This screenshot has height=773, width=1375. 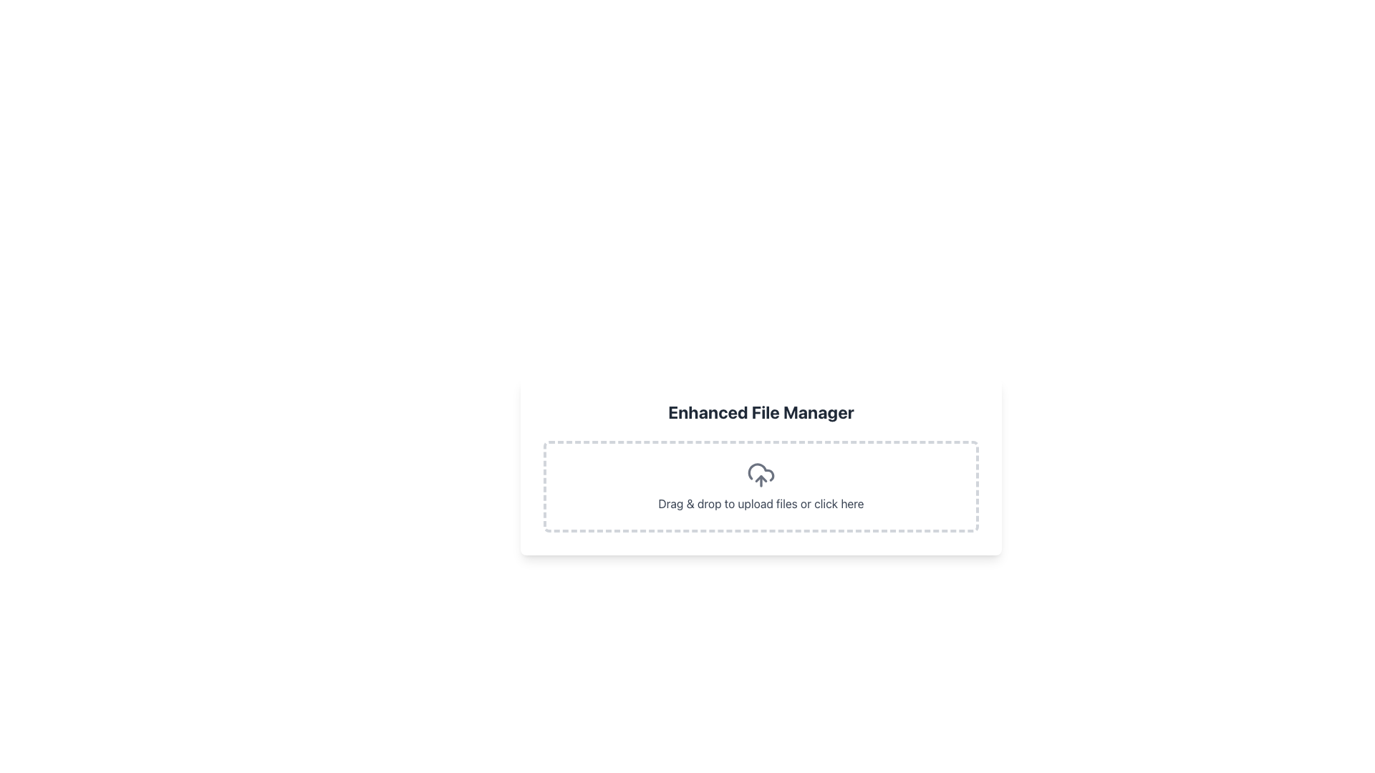 I want to click on the text label that instructs users to drag and drop files or click to upload, located centrally beneath the upload icon, so click(x=760, y=503).